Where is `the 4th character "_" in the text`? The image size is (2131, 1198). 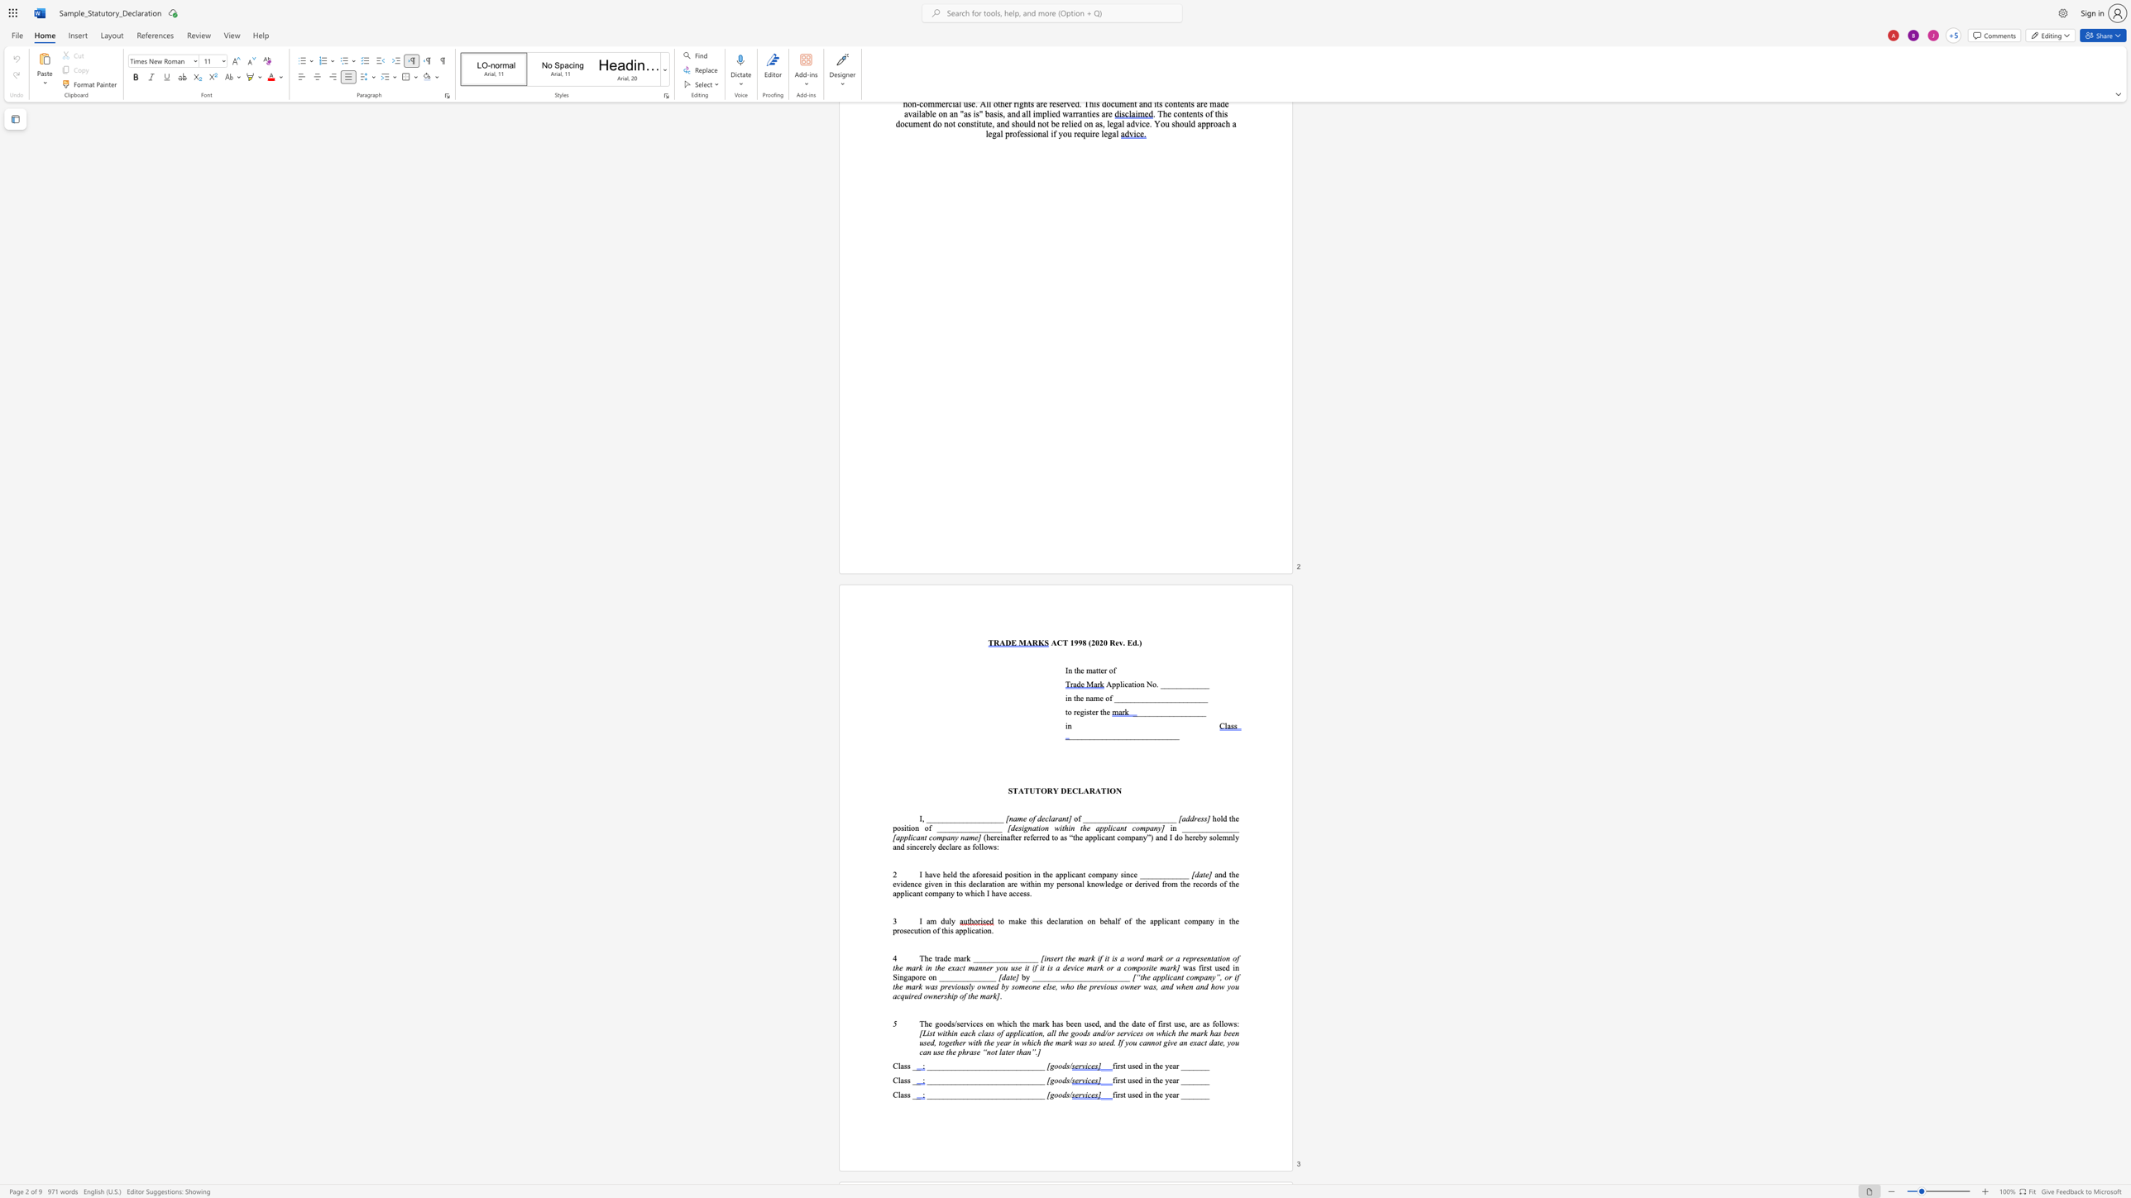
the 4th character "_" in the text is located at coordinates (1083, 736).